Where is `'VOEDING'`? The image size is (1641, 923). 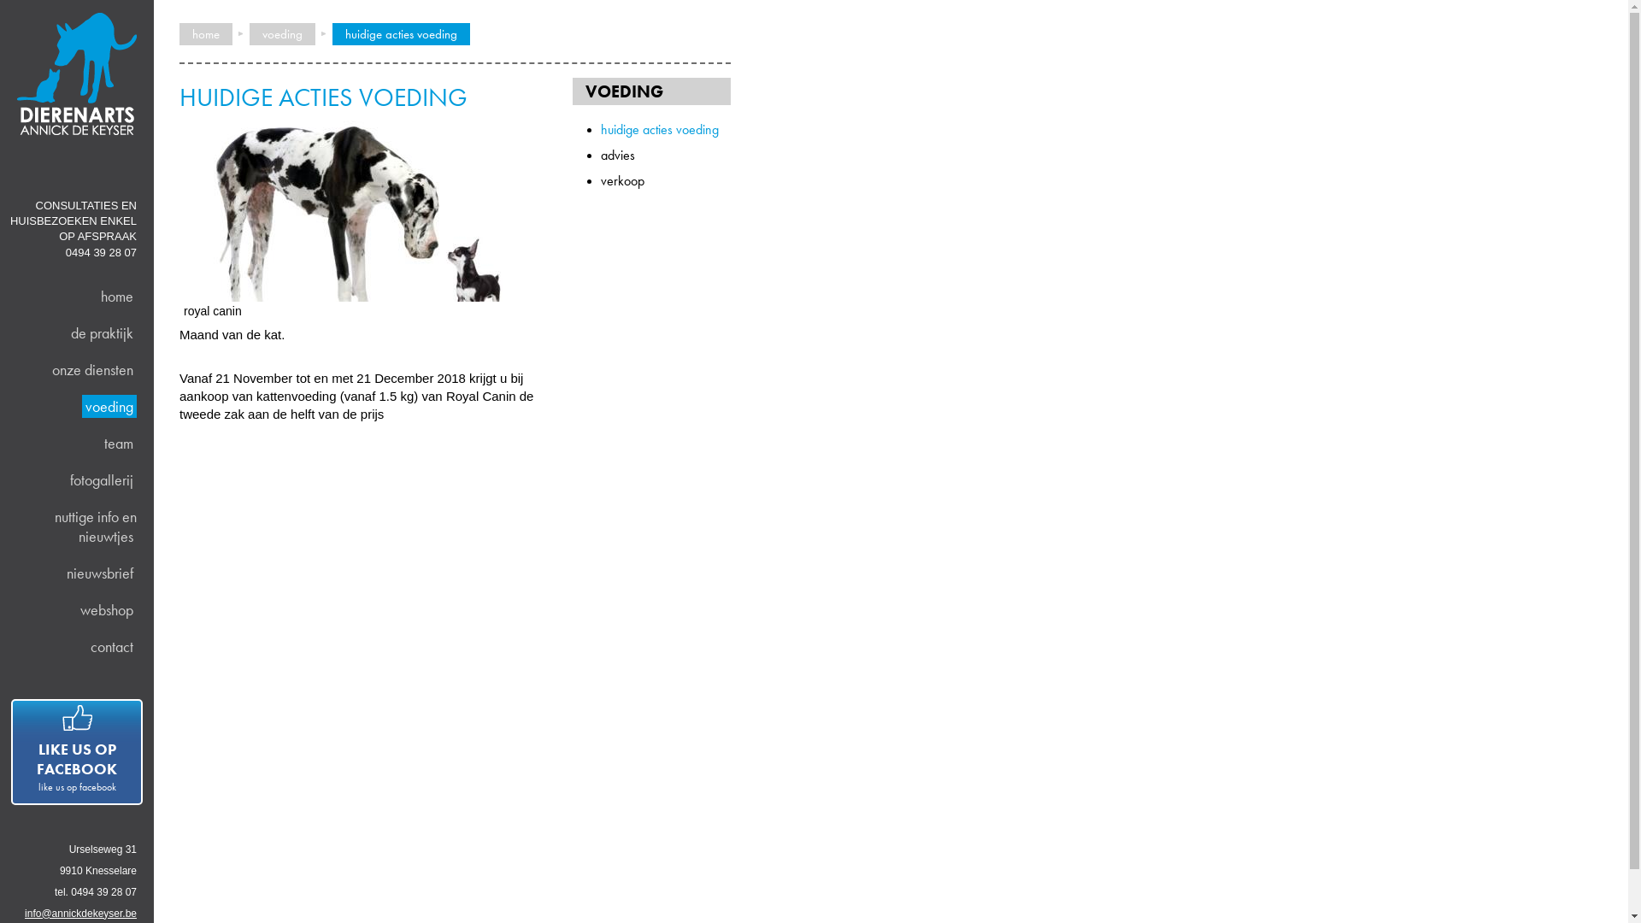 'VOEDING' is located at coordinates (623, 91).